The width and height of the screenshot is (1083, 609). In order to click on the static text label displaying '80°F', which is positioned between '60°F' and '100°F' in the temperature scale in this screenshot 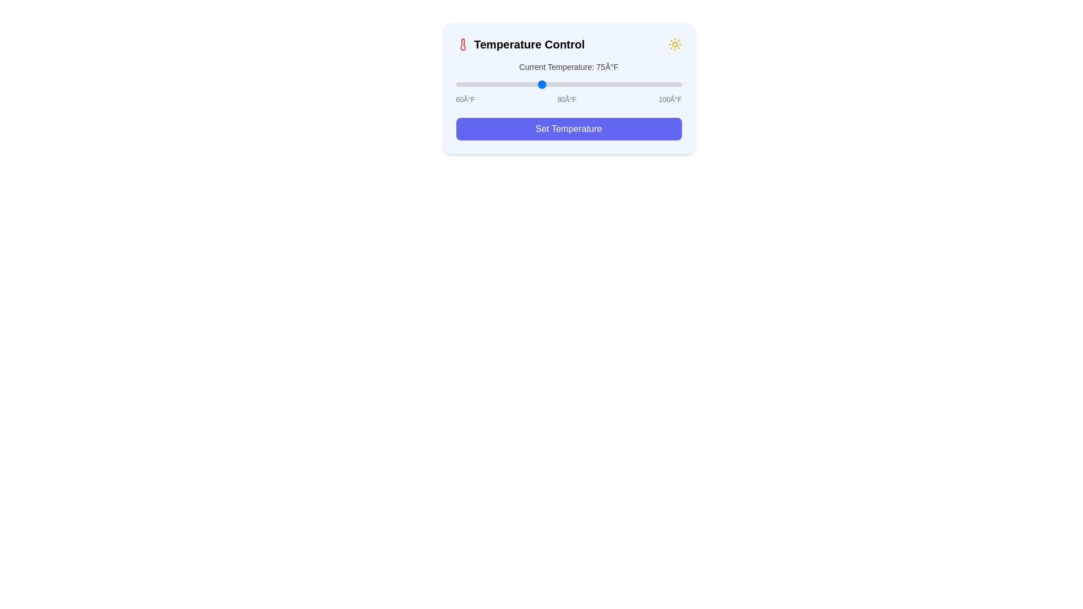, I will do `click(567, 99)`.